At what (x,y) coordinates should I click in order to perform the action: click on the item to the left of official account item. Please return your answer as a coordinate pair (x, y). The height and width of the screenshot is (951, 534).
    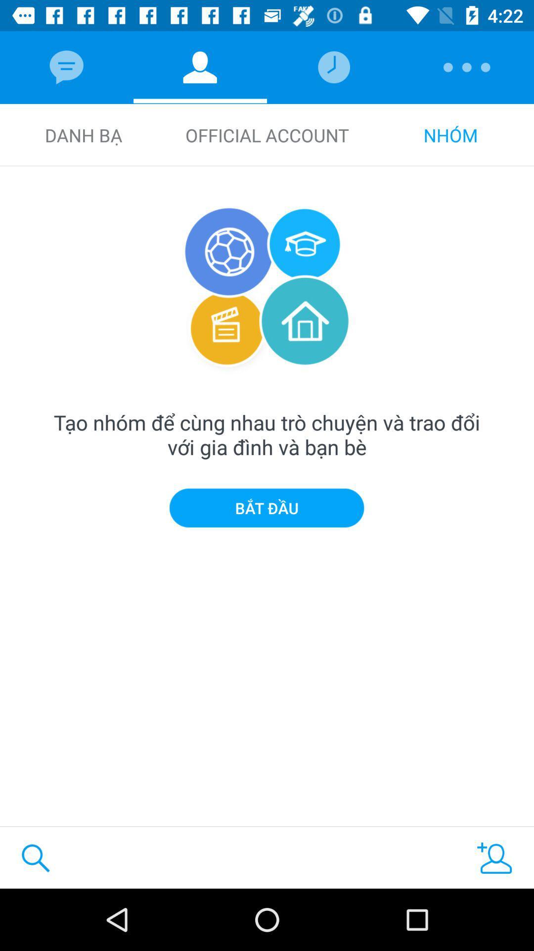
    Looking at the image, I should click on (83, 135).